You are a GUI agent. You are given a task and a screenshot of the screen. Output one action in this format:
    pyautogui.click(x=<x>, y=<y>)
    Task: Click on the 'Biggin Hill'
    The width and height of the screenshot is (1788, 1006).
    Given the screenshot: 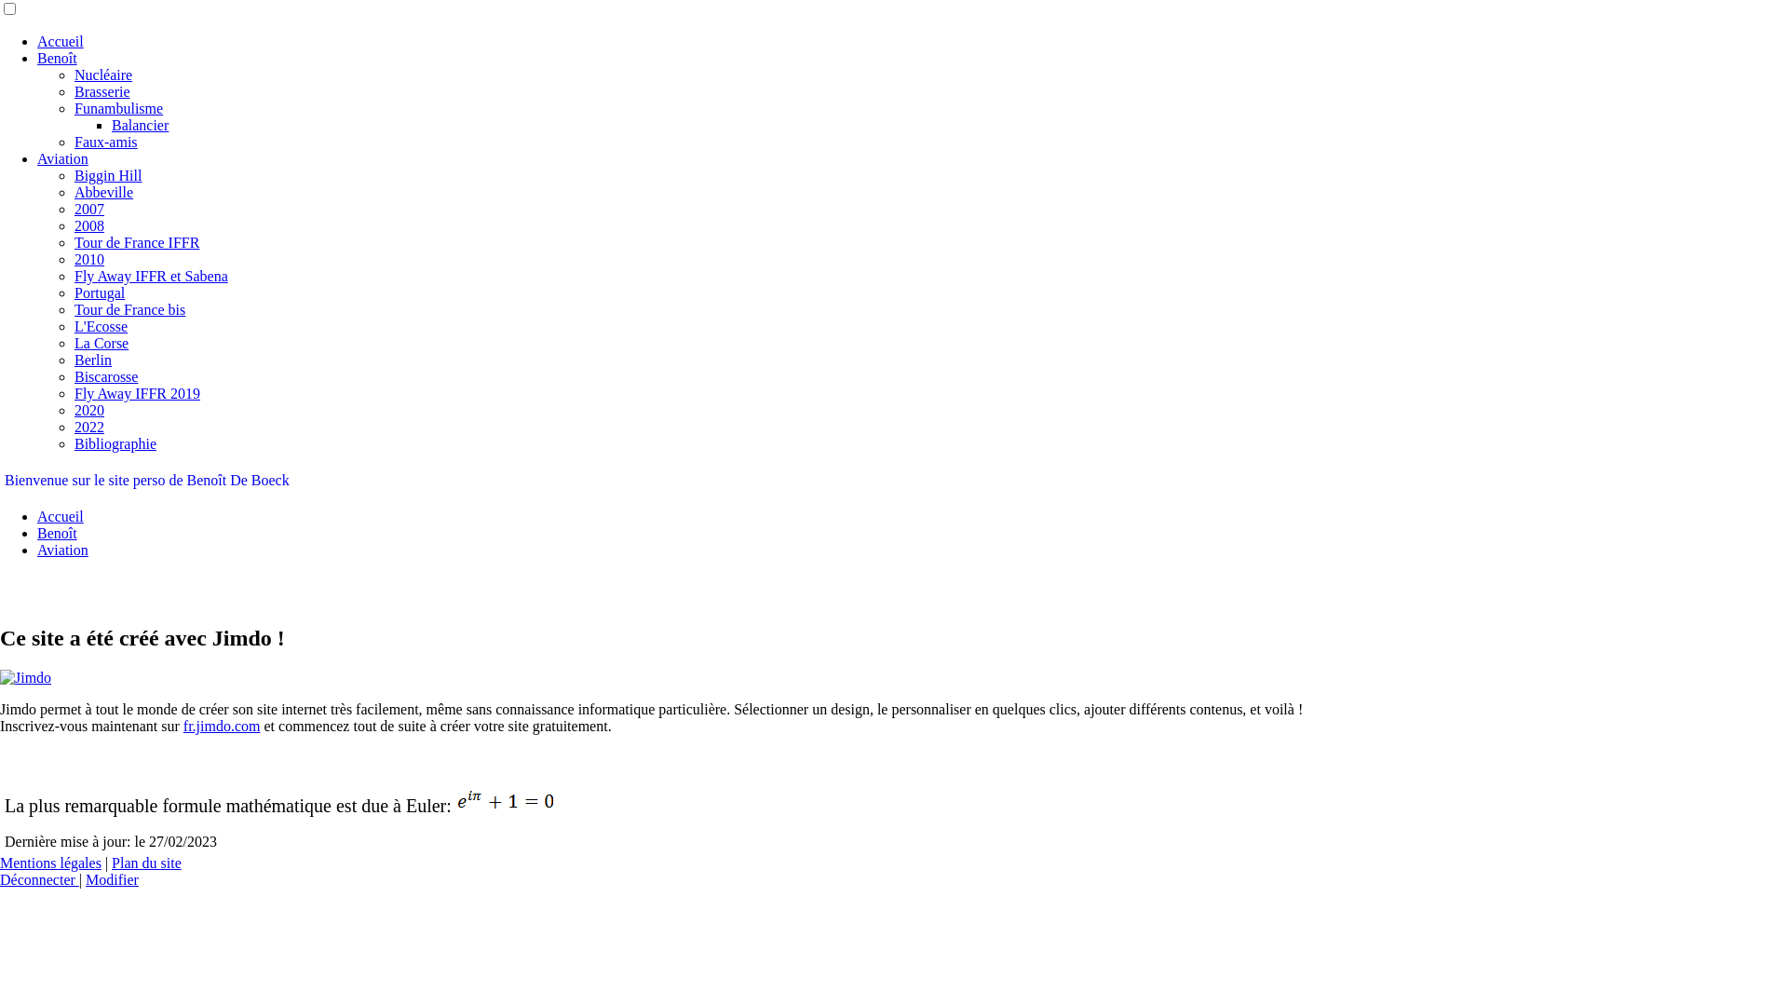 What is the action you would take?
    pyautogui.click(x=106, y=175)
    